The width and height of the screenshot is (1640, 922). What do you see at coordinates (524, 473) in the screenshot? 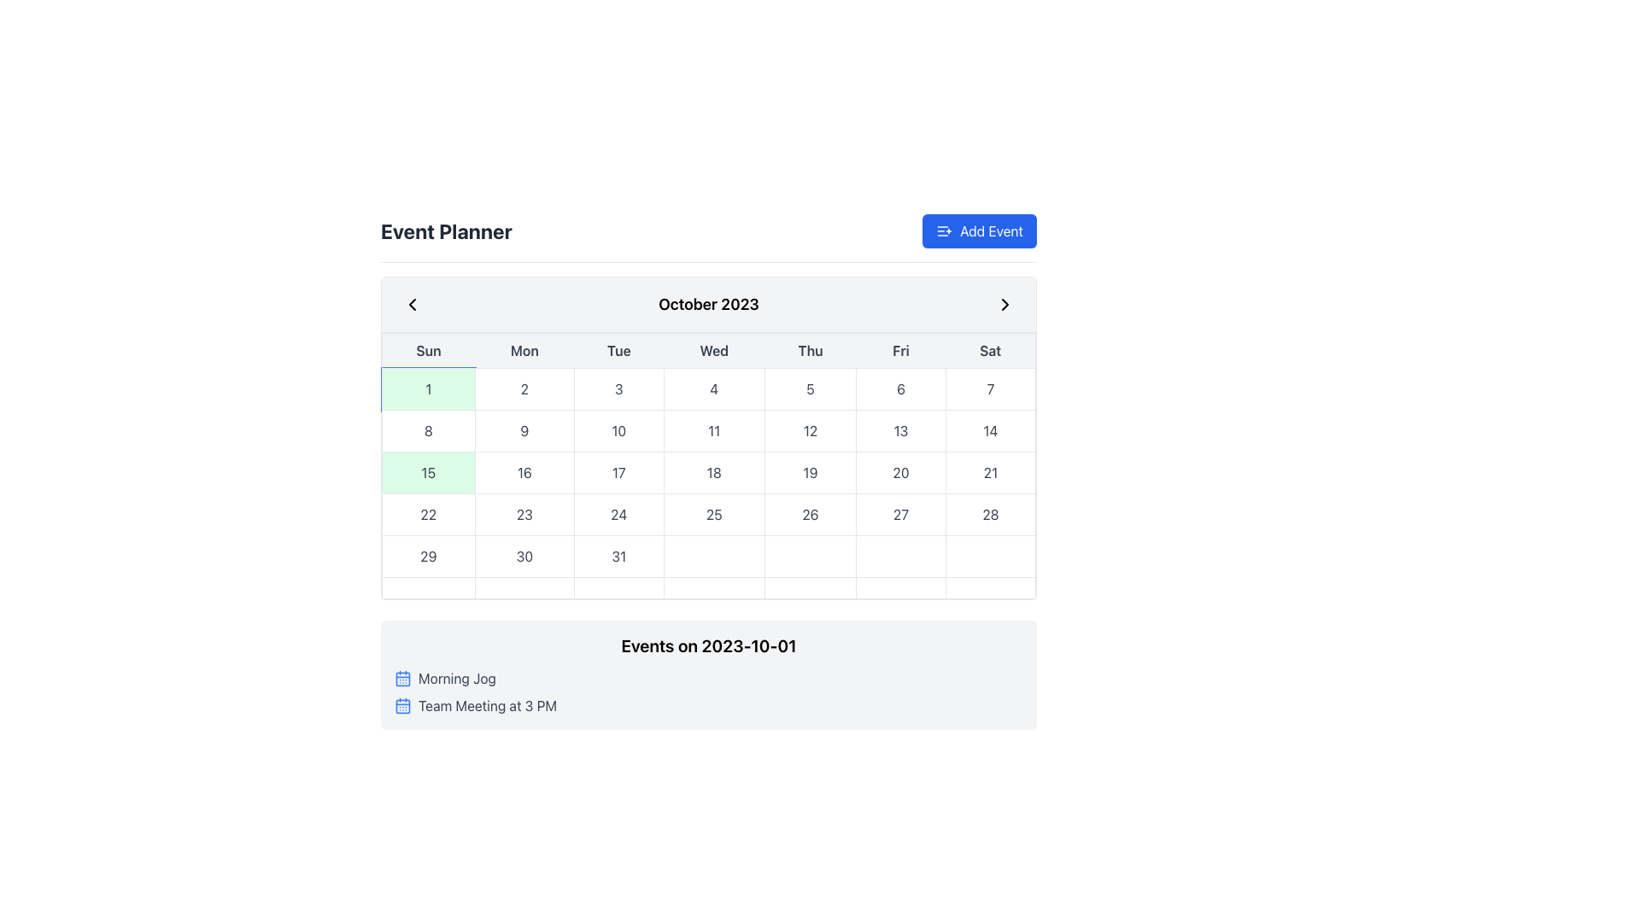
I see `the button representing the day '16' in the October calendar grid` at bounding box center [524, 473].